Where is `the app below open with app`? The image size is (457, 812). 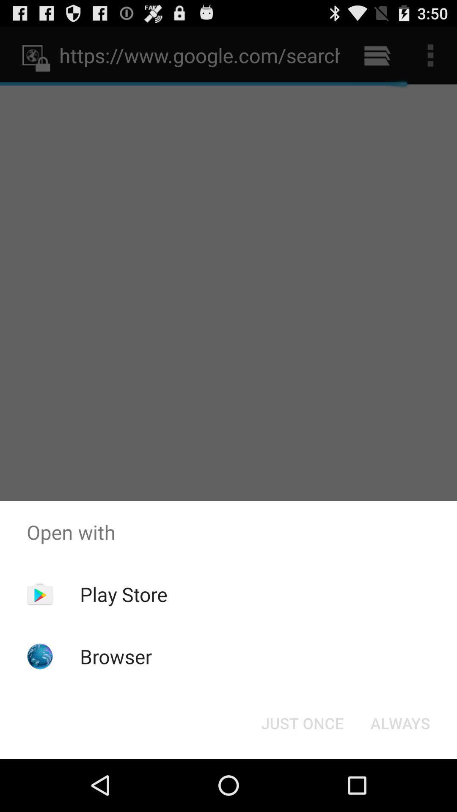 the app below open with app is located at coordinates (400, 722).